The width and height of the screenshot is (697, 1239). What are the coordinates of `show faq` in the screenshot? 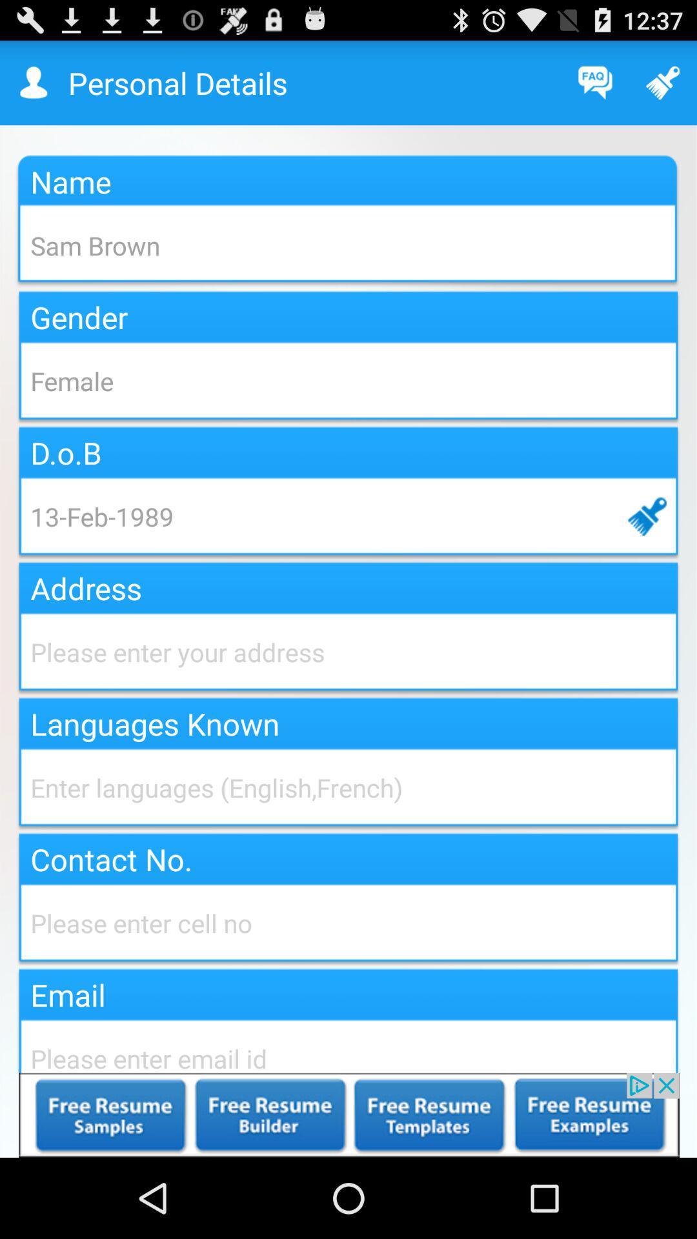 It's located at (595, 82).